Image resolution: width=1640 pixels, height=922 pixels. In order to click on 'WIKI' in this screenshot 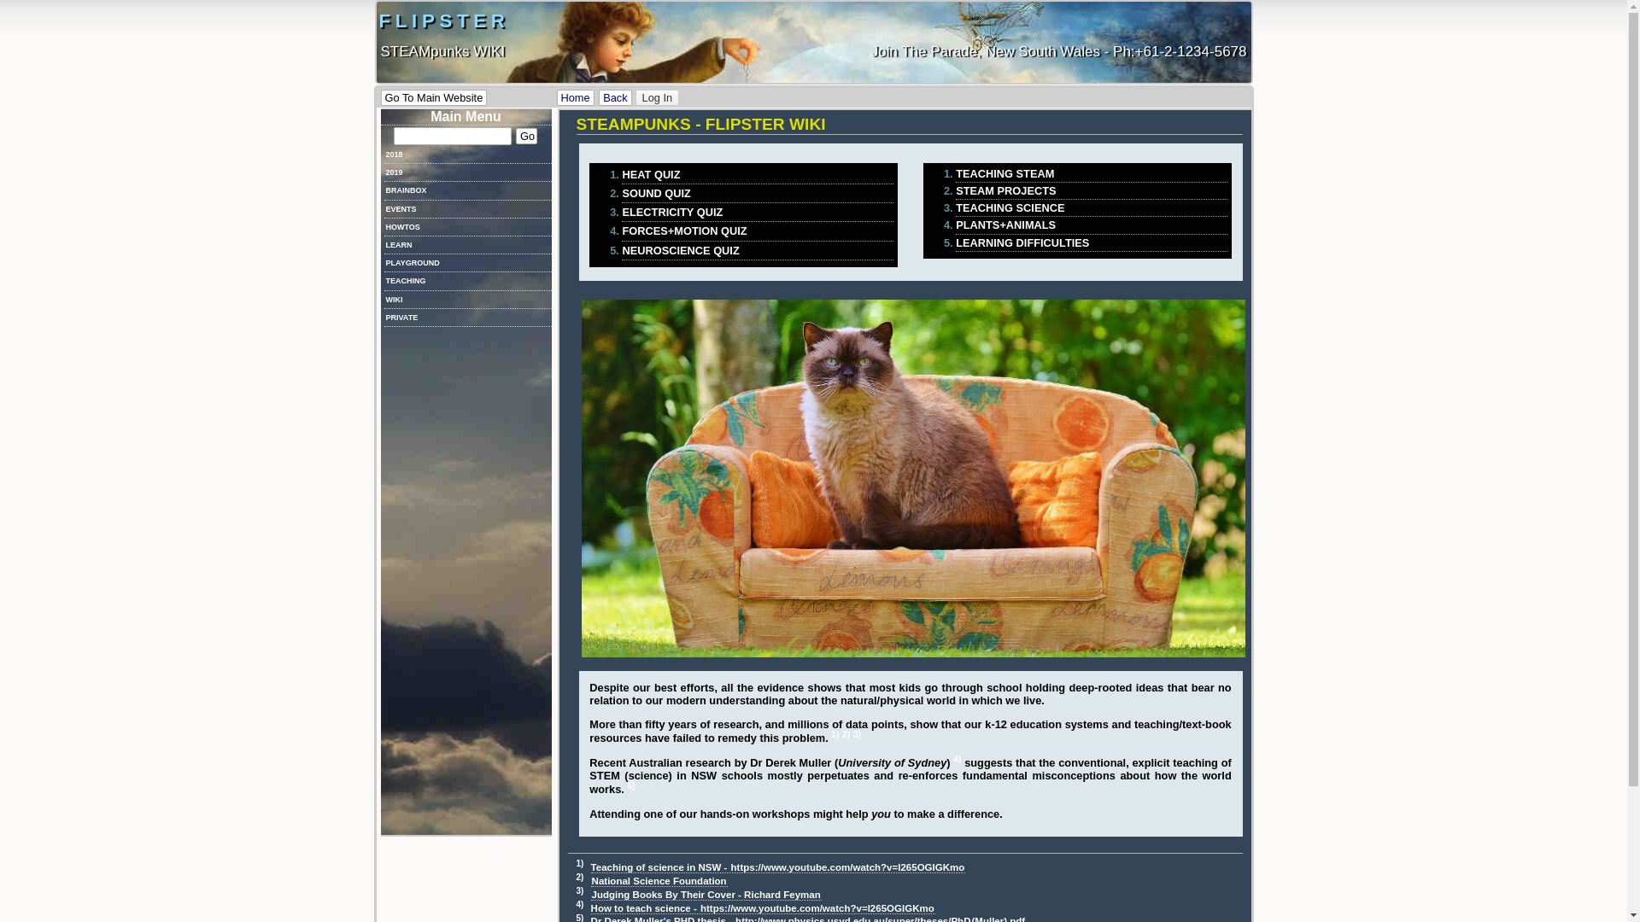, I will do `click(384, 299)`.